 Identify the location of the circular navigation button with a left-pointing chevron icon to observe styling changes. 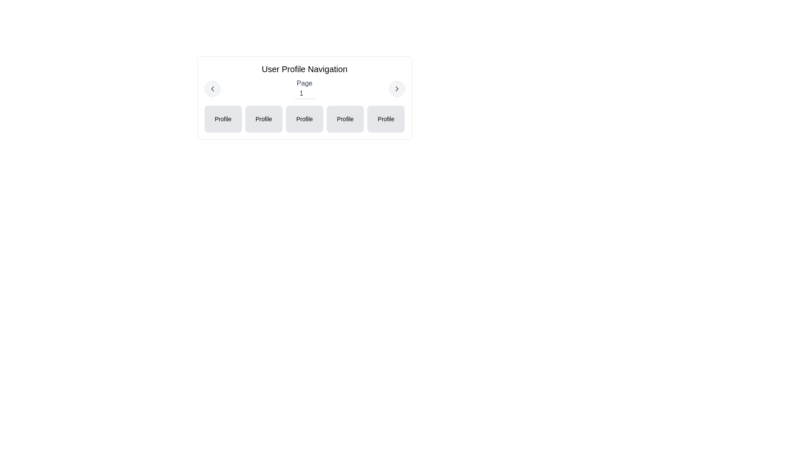
(212, 89).